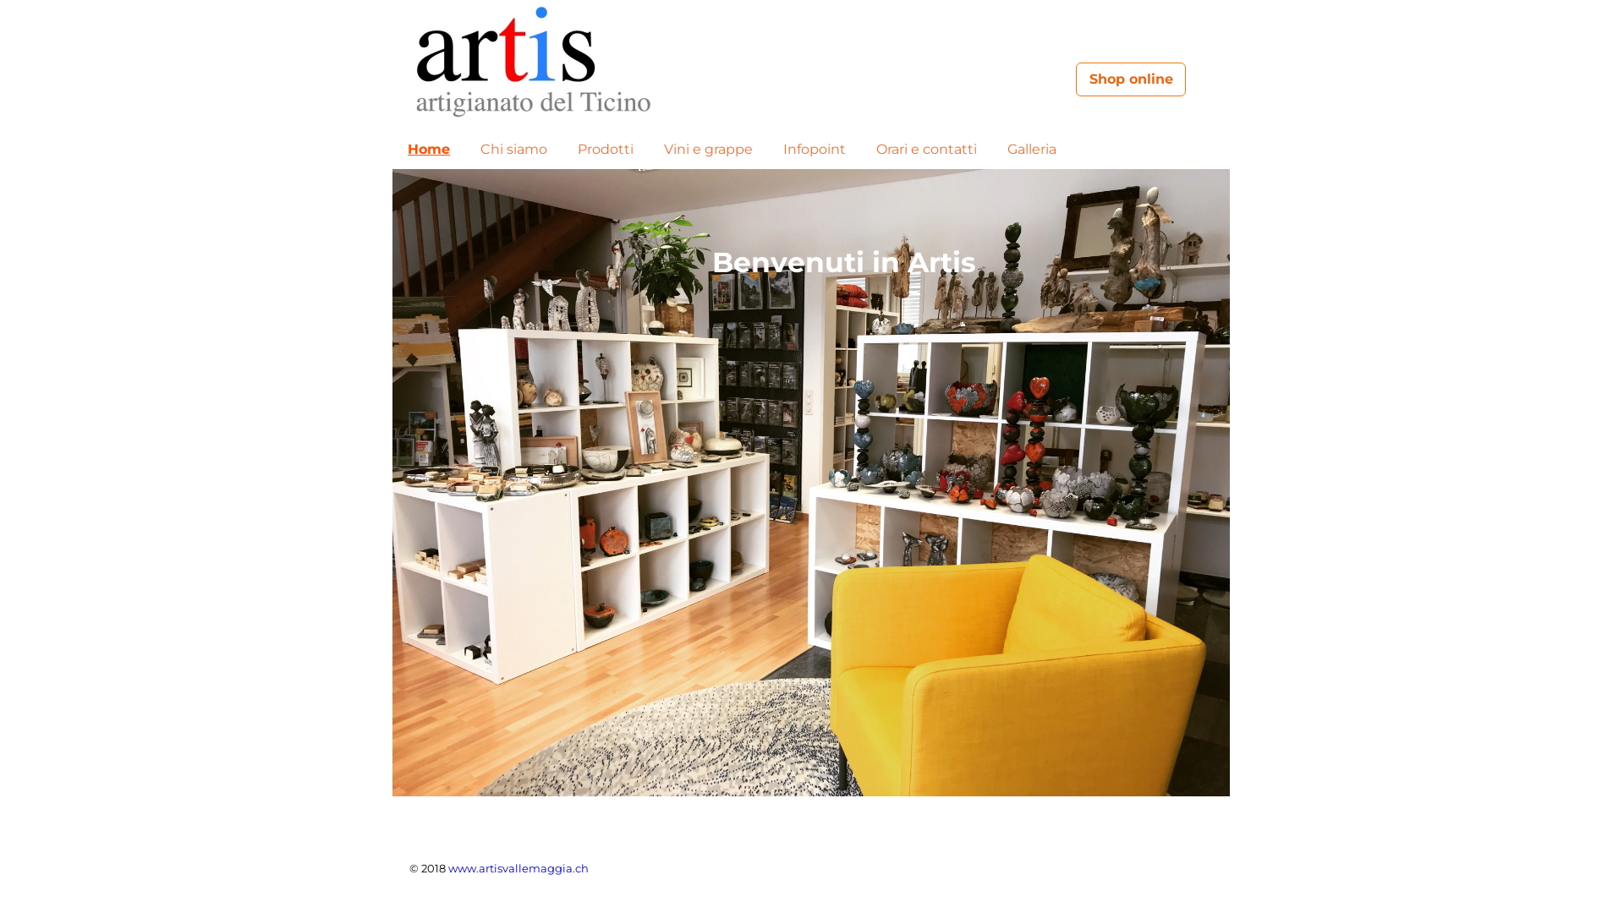 This screenshot has width=1624, height=913. Describe the element at coordinates (1030, 149) in the screenshot. I see `'Galleria'` at that location.